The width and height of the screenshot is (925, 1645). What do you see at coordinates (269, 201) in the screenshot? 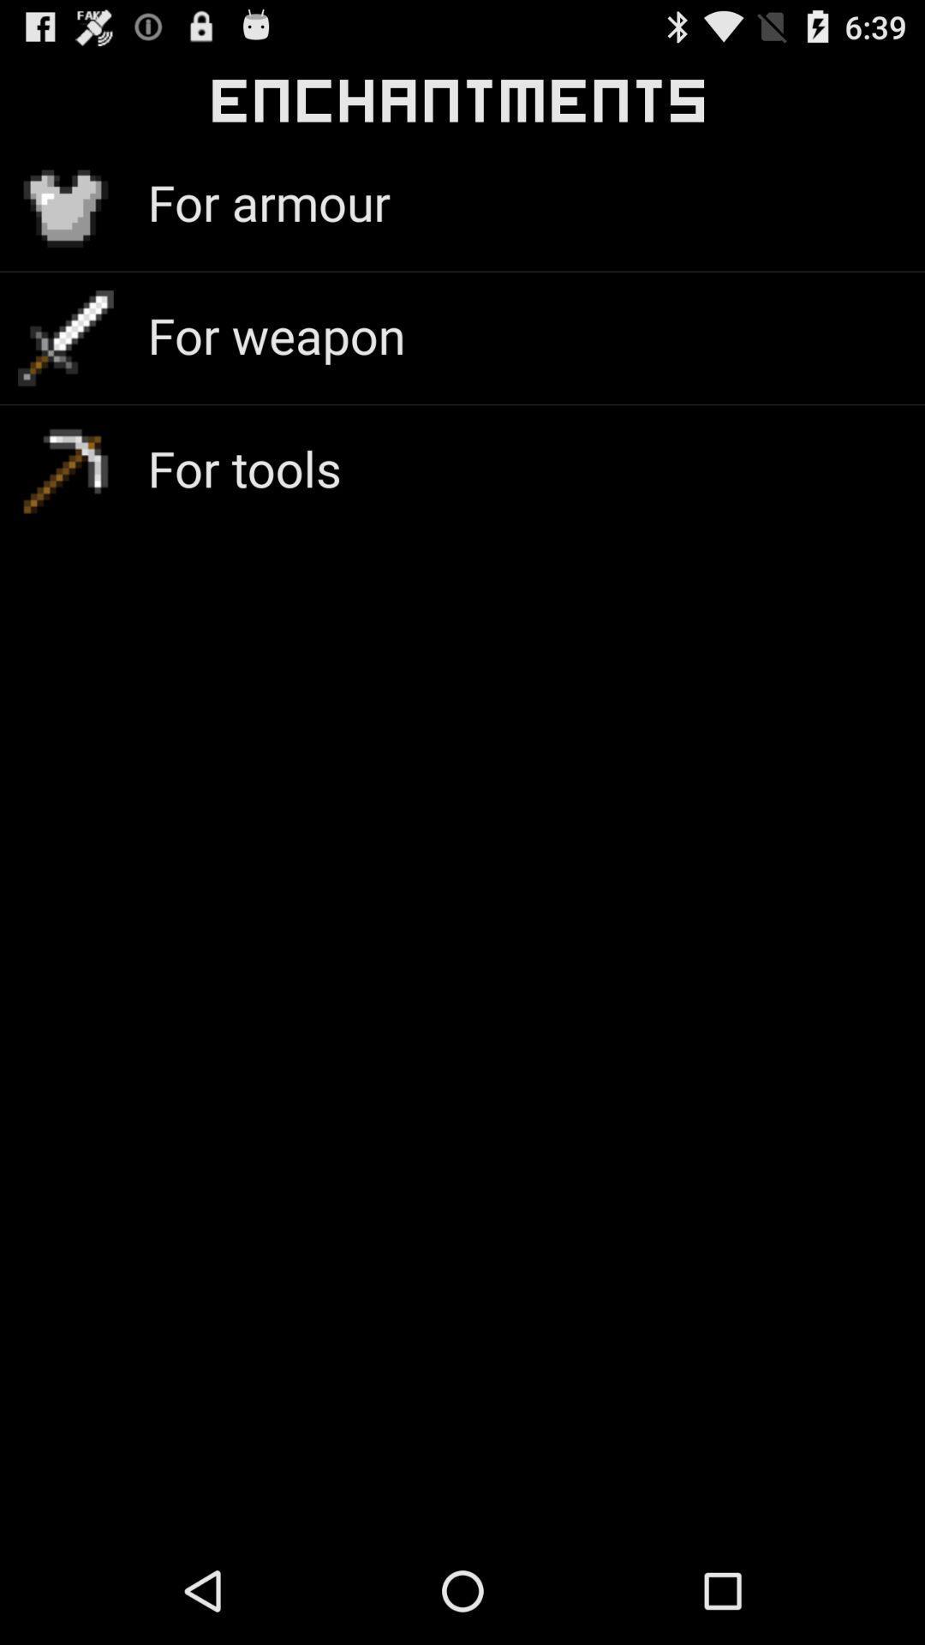
I see `the icon above the for weapon icon` at bounding box center [269, 201].